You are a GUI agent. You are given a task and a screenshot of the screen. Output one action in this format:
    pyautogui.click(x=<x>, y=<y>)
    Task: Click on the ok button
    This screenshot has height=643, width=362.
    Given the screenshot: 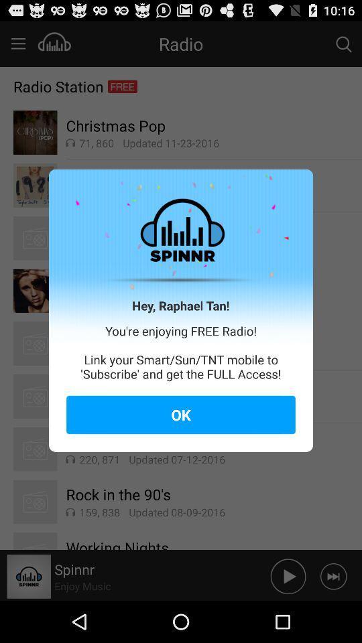 What is the action you would take?
    pyautogui.click(x=181, y=414)
    